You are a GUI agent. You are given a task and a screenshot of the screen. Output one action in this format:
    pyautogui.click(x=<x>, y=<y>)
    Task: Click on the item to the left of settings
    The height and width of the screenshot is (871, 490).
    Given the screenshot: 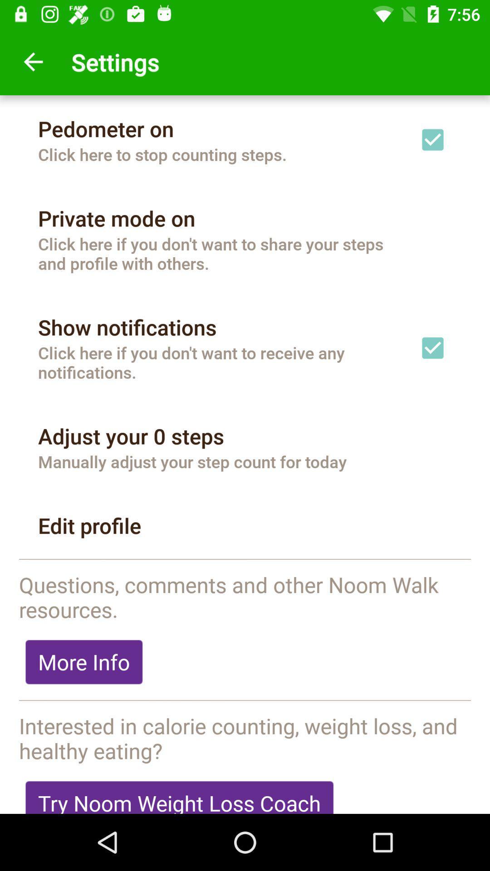 What is the action you would take?
    pyautogui.click(x=33, y=61)
    